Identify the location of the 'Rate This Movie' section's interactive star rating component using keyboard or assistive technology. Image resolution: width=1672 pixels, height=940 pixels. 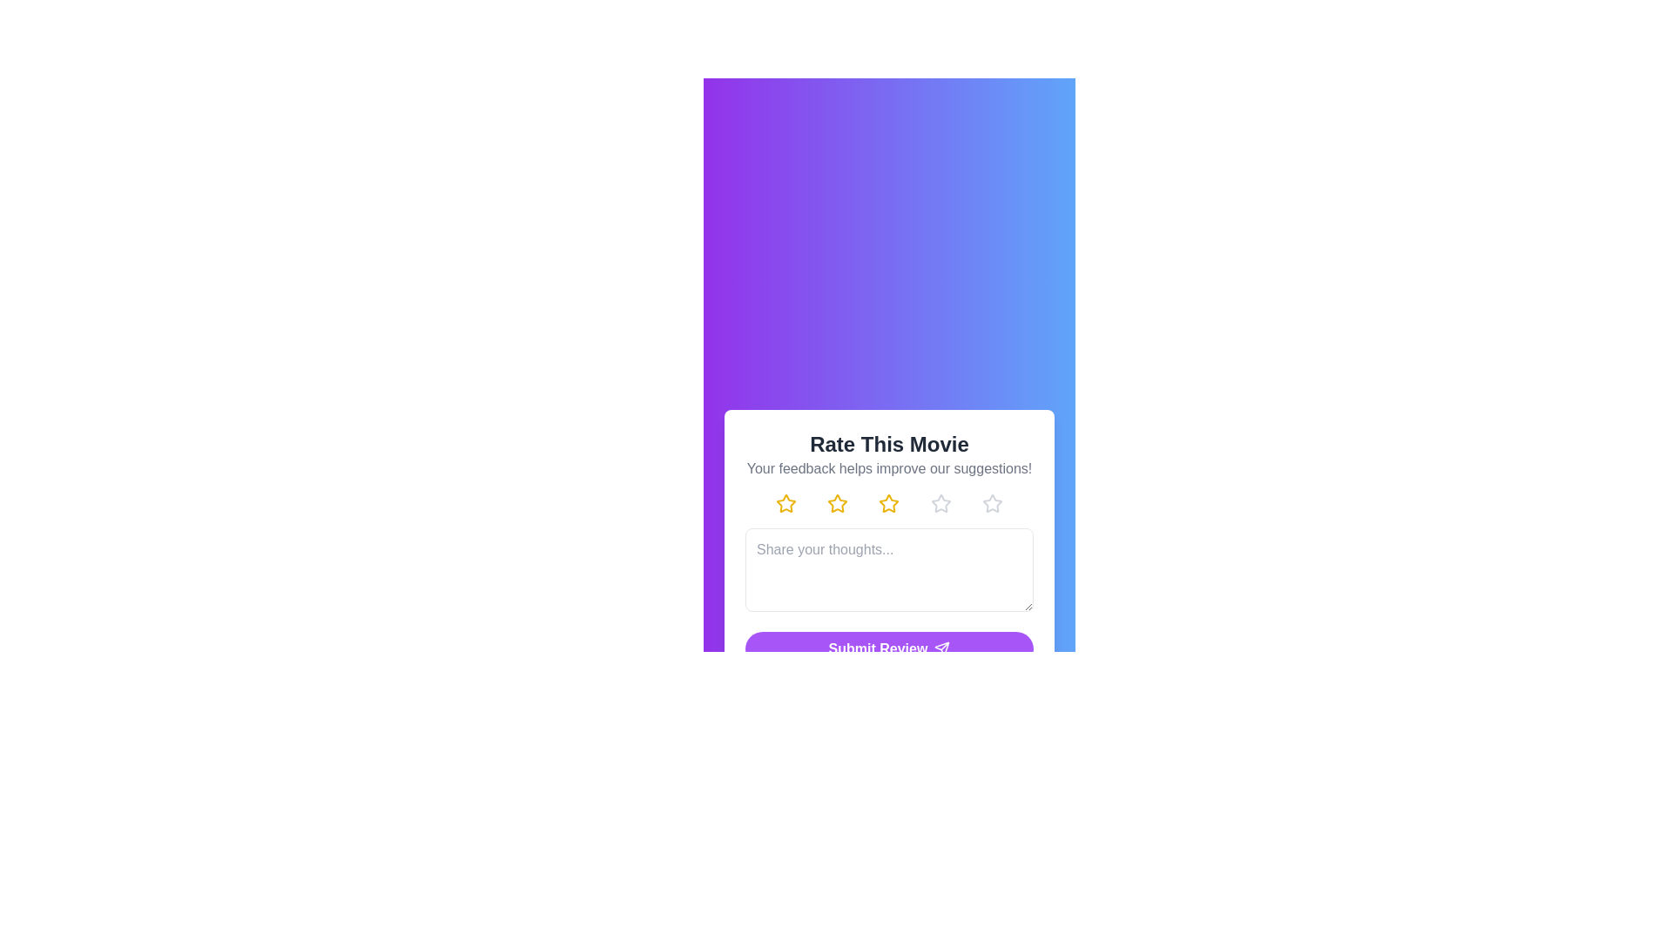
(889, 503).